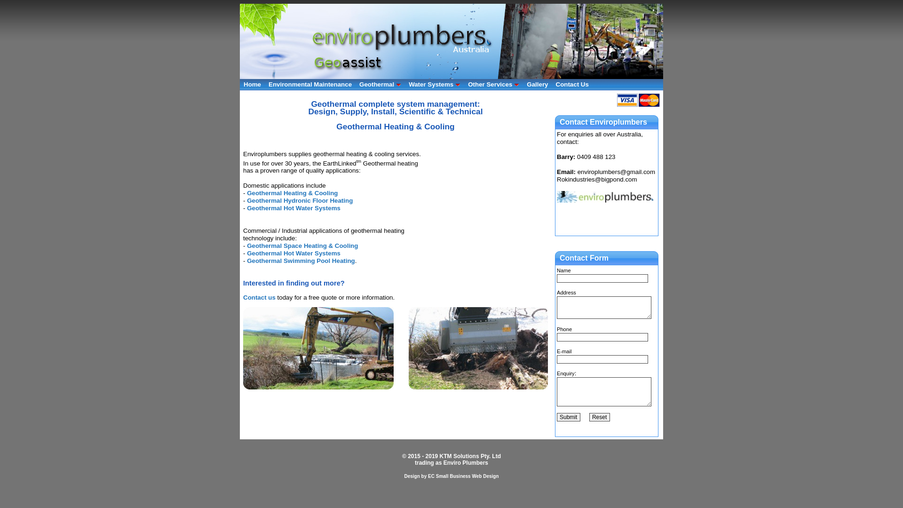 The width and height of the screenshot is (903, 508). Describe the element at coordinates (300, 261) in the screenshot. I see `'Geothermal Swimming Pool Heating'` at that location.